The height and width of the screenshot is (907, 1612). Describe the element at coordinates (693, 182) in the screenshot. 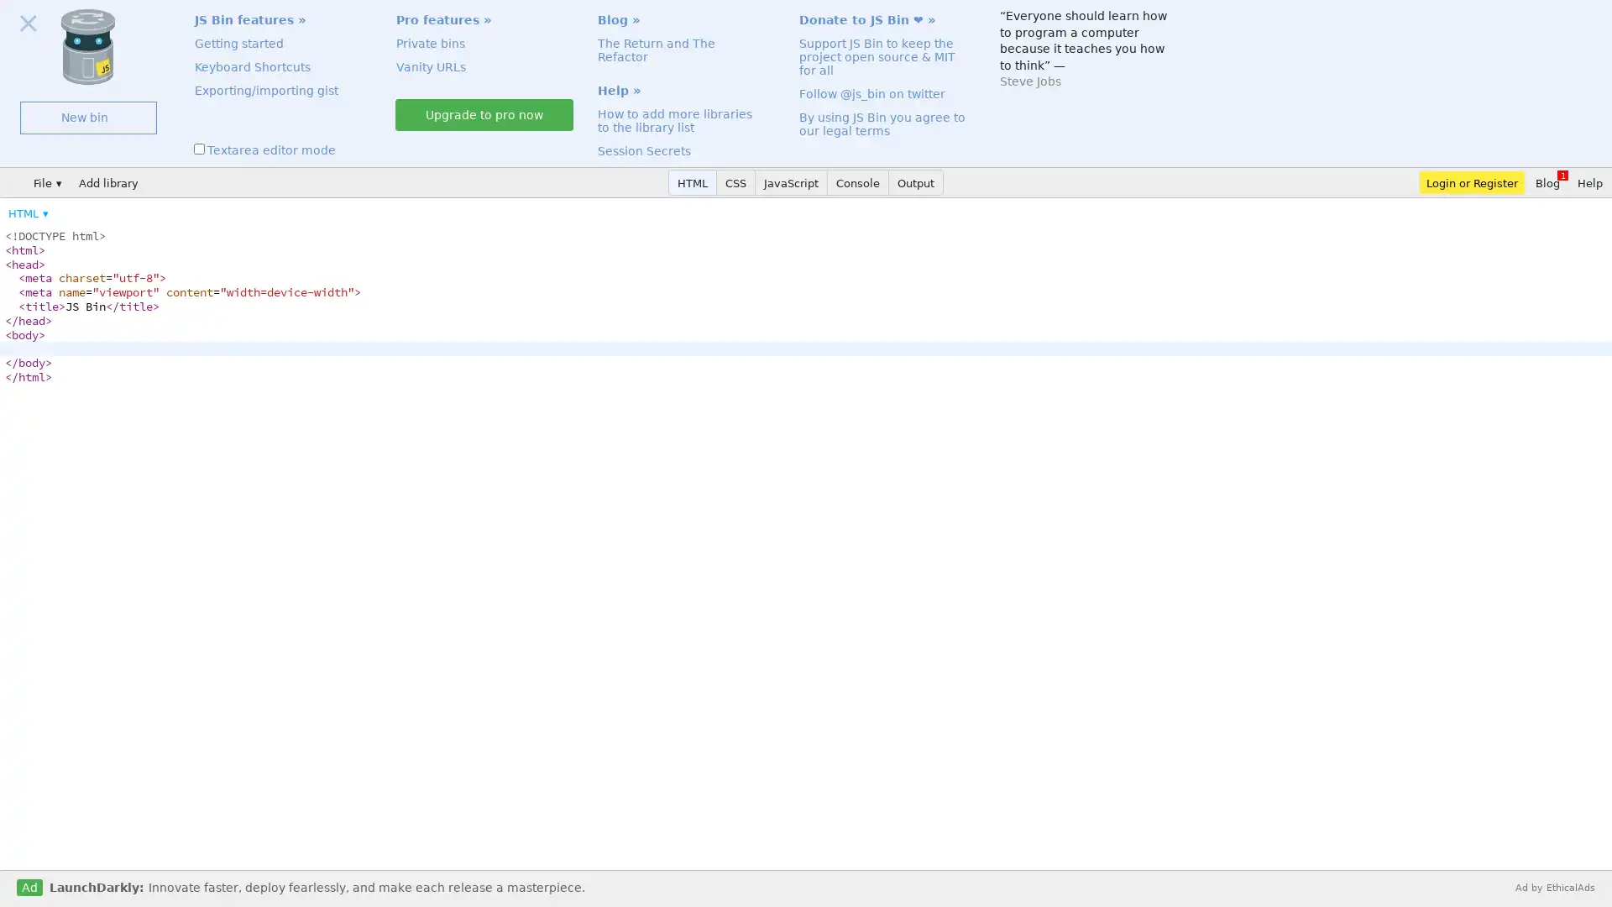

I see `HTML Panel: Active` at that location.